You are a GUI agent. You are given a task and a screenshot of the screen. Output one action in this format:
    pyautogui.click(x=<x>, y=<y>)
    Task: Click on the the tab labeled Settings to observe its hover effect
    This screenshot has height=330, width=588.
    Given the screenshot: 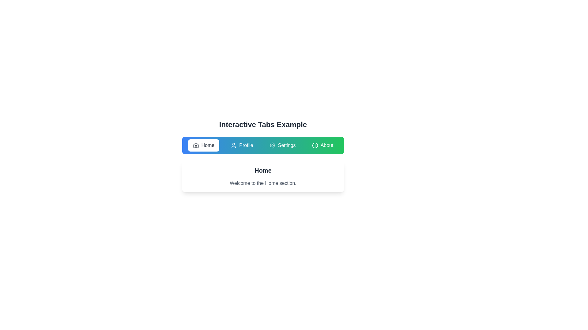 What is the action you would take?
    pyautogui.click(x=282, y=145)
    